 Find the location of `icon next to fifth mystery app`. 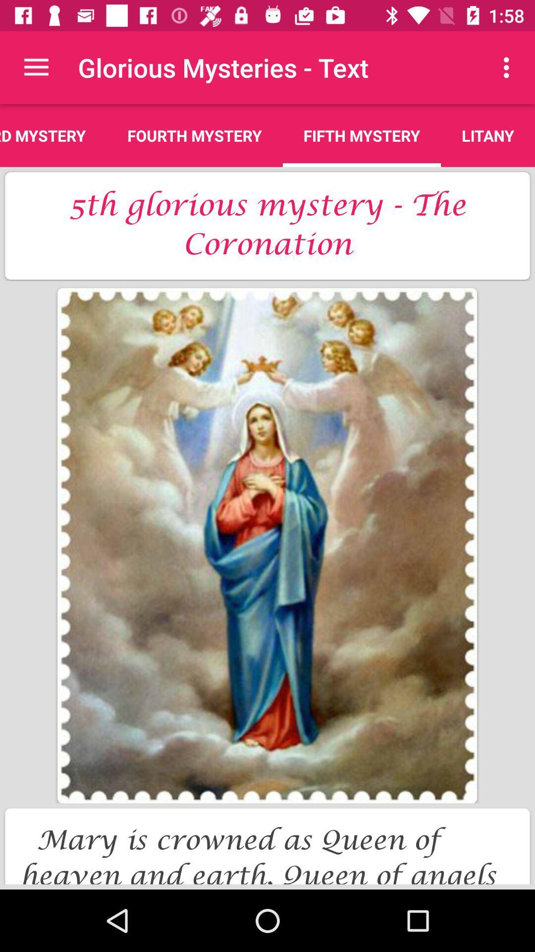

icon next to fifth mystery app is located at coordinates (509, 67).